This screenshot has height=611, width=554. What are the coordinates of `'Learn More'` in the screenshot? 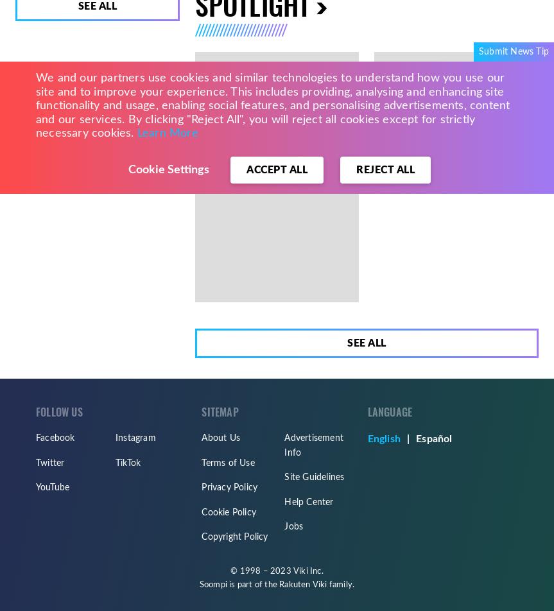 It's located at (166, 133).